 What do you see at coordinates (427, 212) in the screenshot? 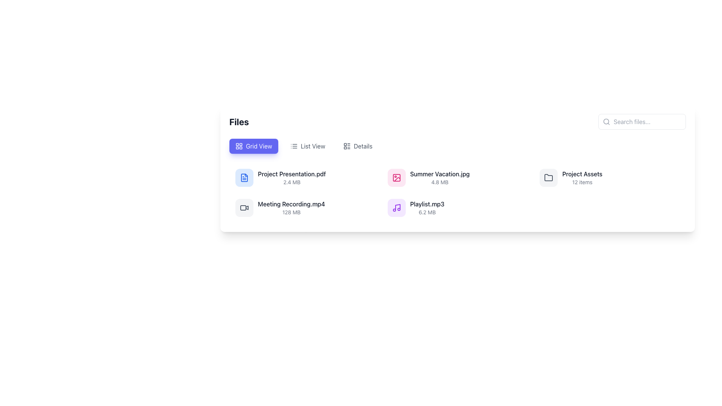
I see `the text label displaying '6.2 MB', which is styled in gray and positioned below the 'Playlist.mp3' label` at bounding box center [427, 212].